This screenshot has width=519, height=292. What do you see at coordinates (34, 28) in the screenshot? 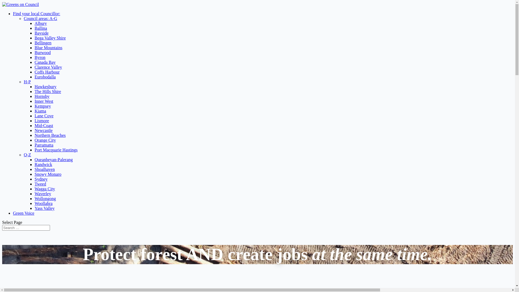
I see `'Ballina'` at bounding box center [34, 28].